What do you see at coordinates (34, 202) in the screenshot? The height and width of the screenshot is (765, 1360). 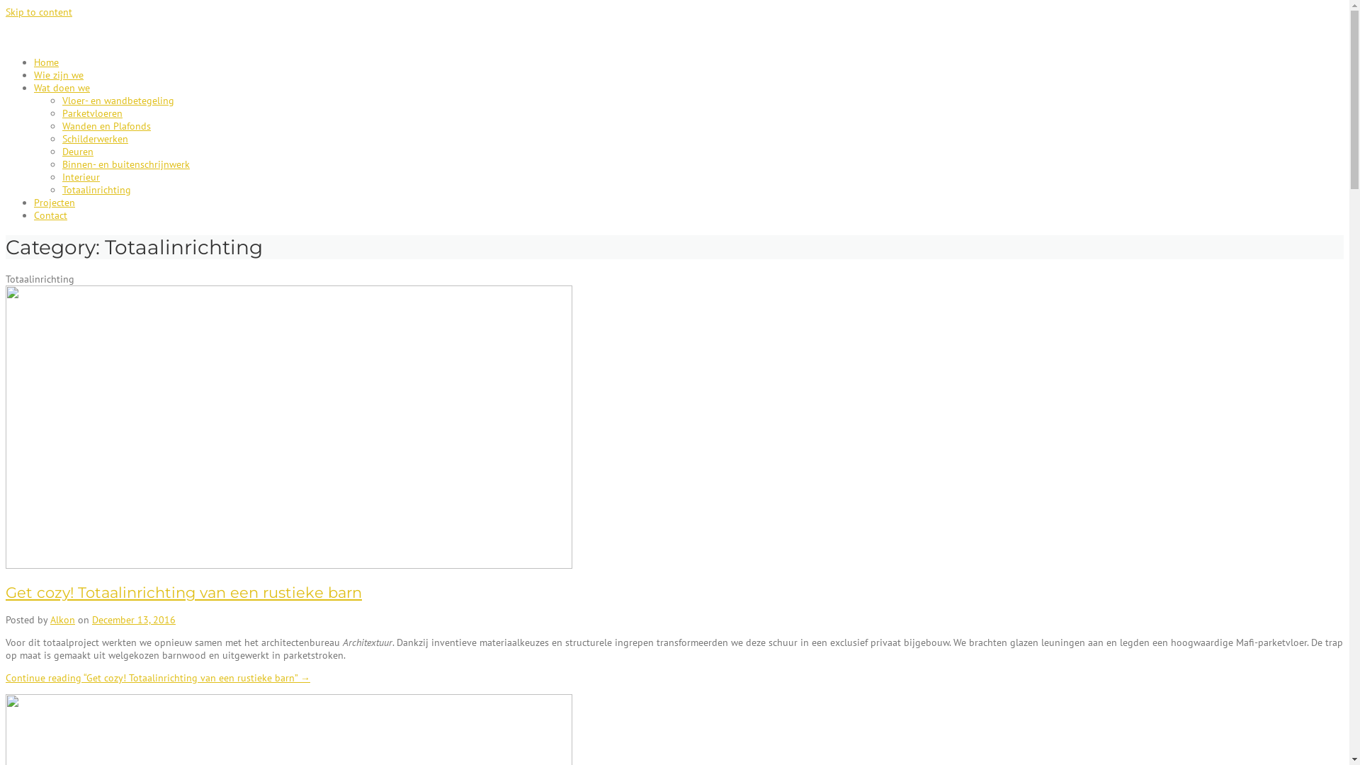 I see `'Projecten'` at bounding box center [34, 202].